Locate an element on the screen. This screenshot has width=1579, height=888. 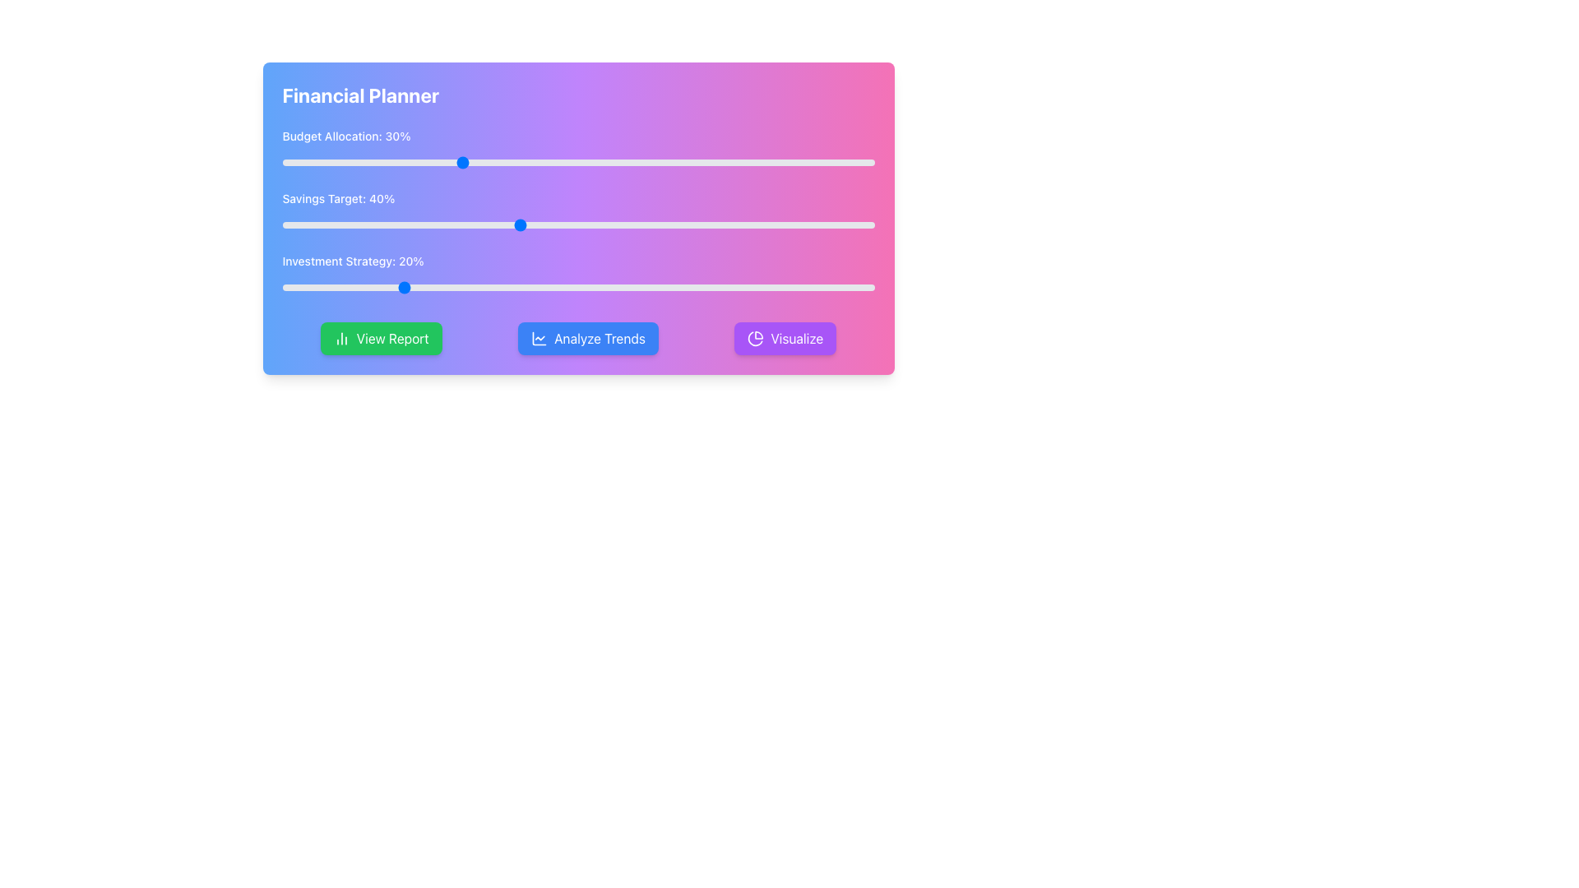
the savings target is located at coordinates (685, 224).